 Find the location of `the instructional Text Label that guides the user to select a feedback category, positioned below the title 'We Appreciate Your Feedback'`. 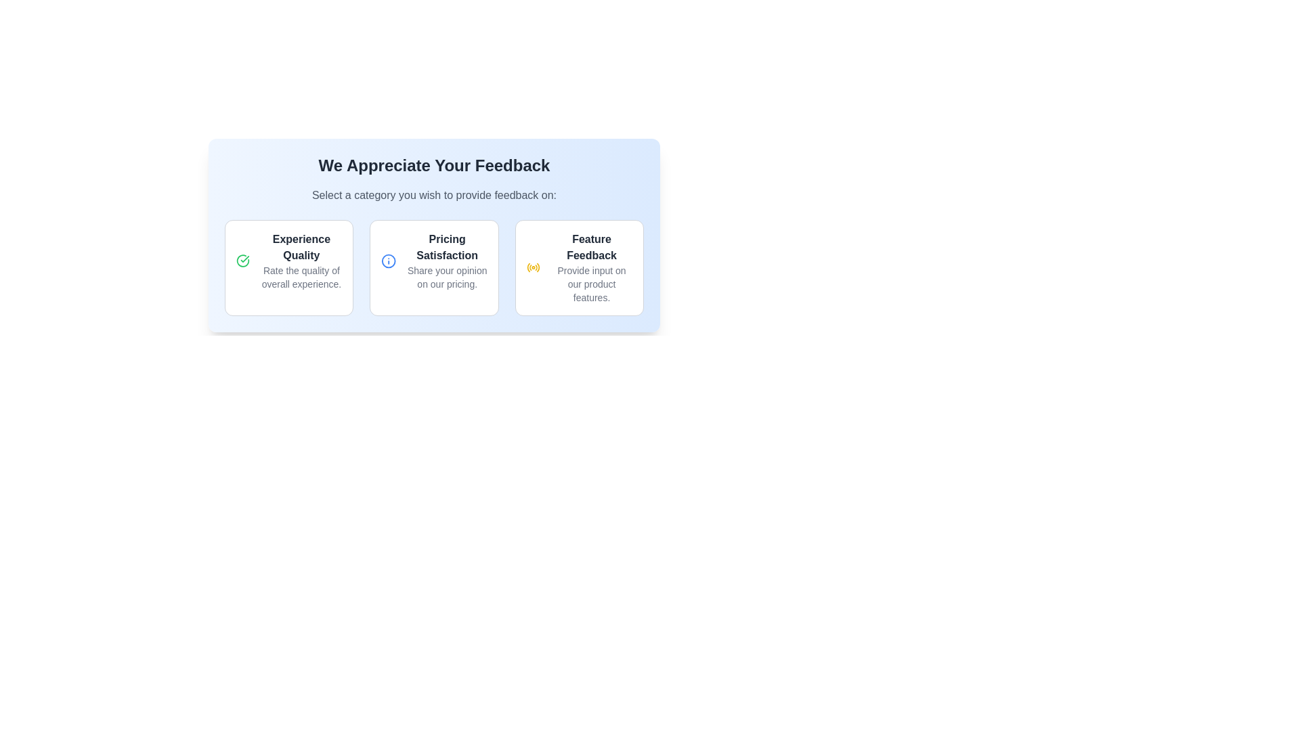

the instructional Text Label that guides the user to select a feedback category, positioned below the title 'We Appreciate Your Feedback' is located at coordinates (434, 196).